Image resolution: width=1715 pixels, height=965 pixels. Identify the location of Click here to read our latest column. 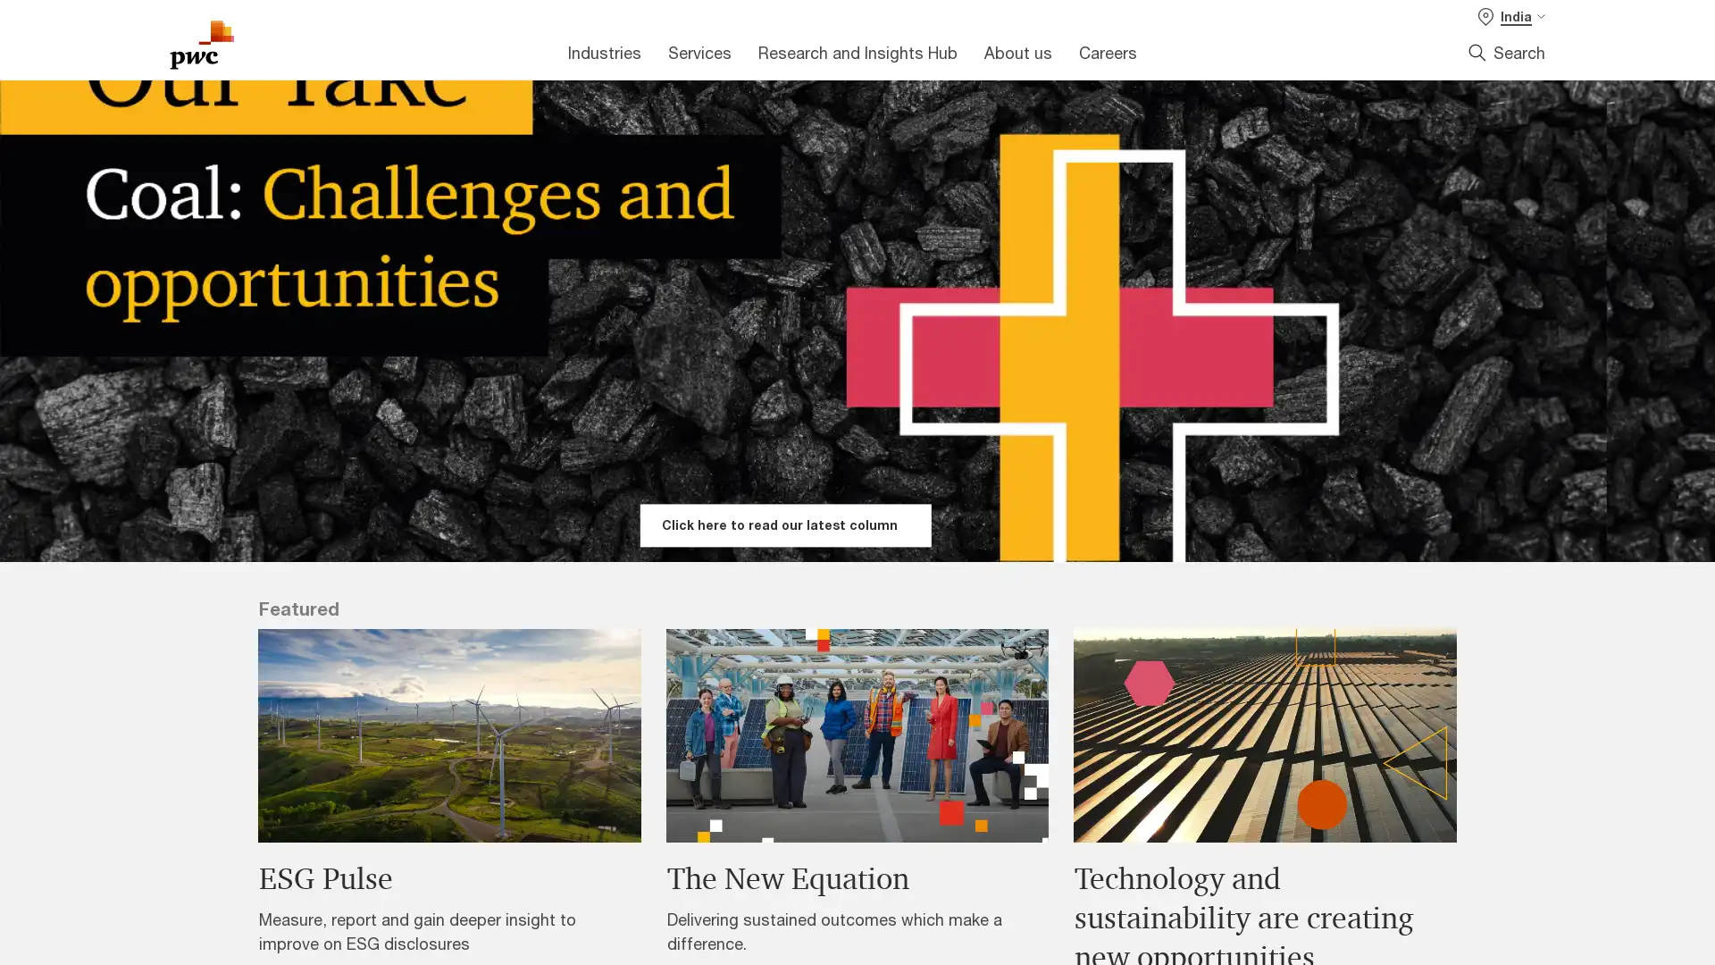
(784, 524).